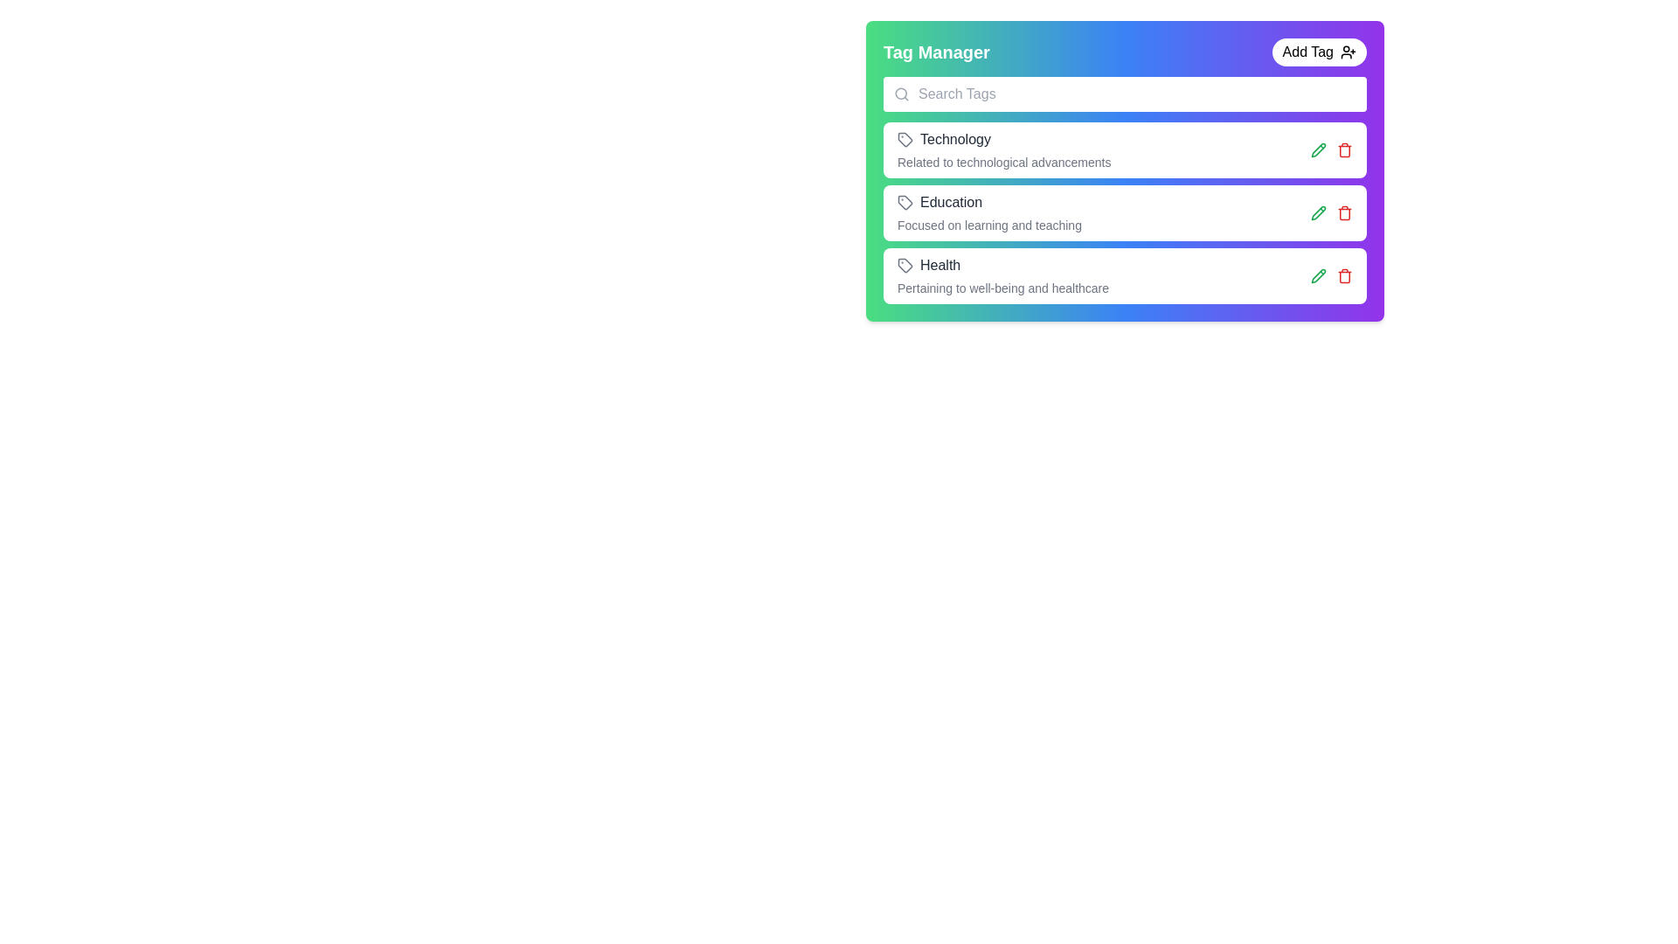 Image resolution: width=1678 pixels, height=944 pixels. Describe the element at coordinates (1002, 288) in the screenshot. I see `descriptive text located below the 'Health' label in the 'Tag Manager' interface, which provides additional context about the associated tag` at that location.